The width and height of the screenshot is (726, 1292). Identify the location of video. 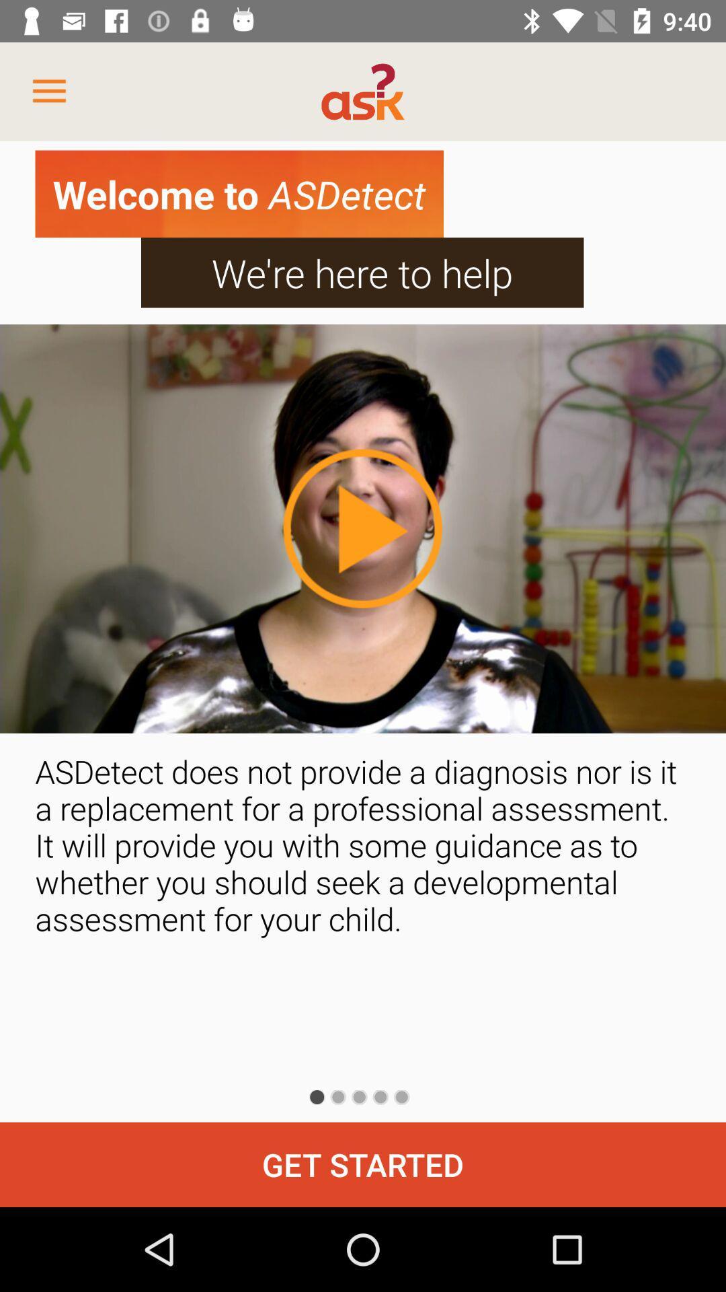
(362, 528).